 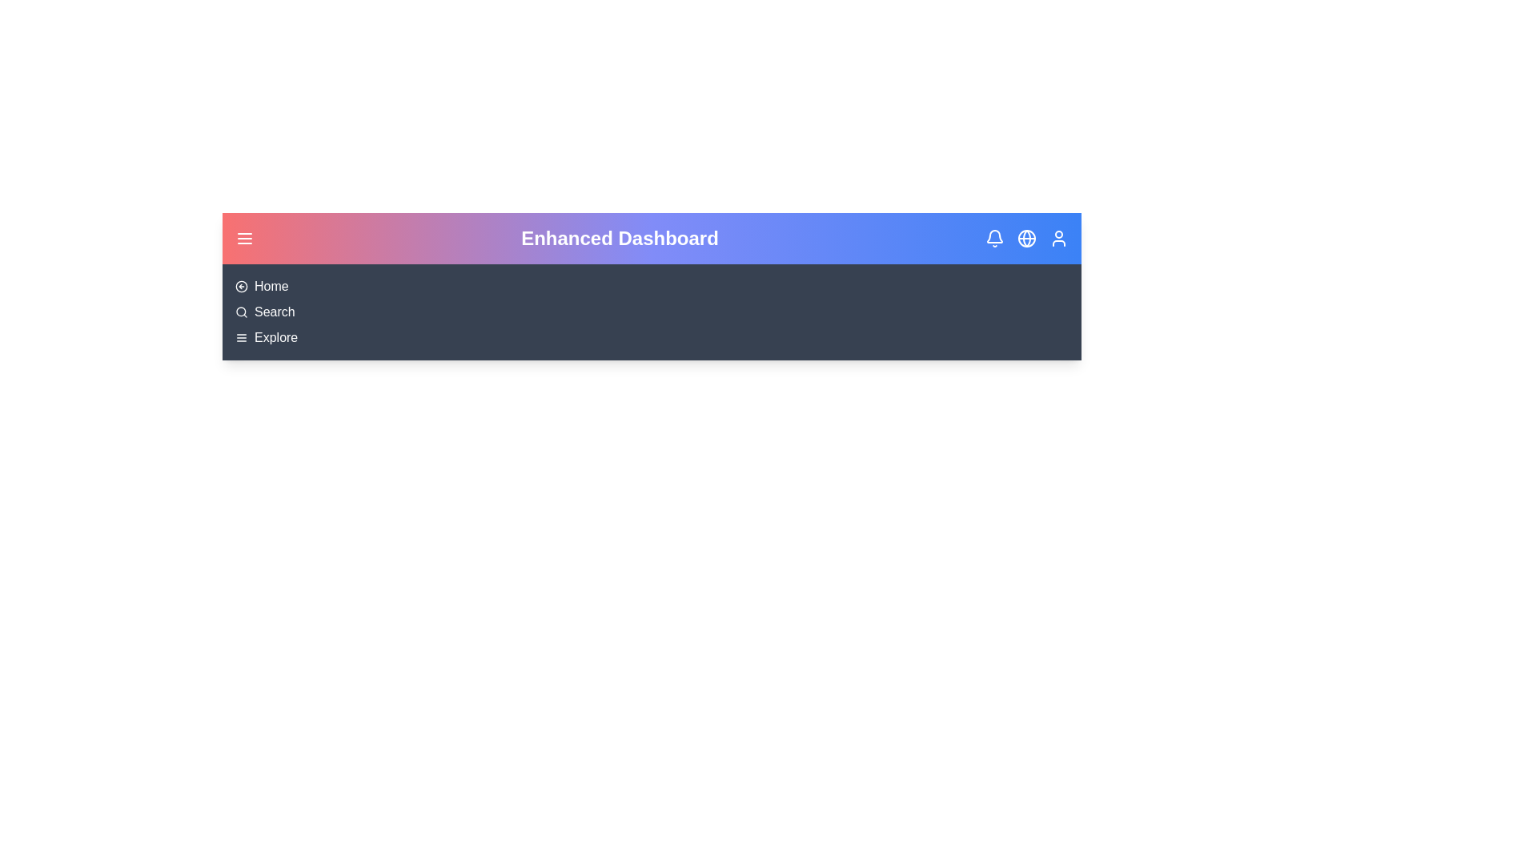 I want to click on the 'Globe' icon at its center position, so click(x=1026, y=238).